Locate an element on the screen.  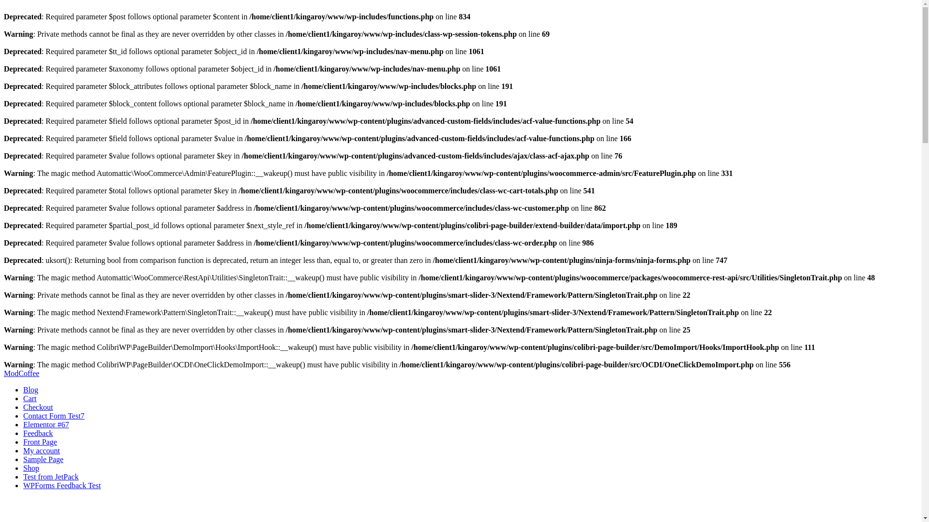
'Skip to content' is located at coordinates (4, 369).